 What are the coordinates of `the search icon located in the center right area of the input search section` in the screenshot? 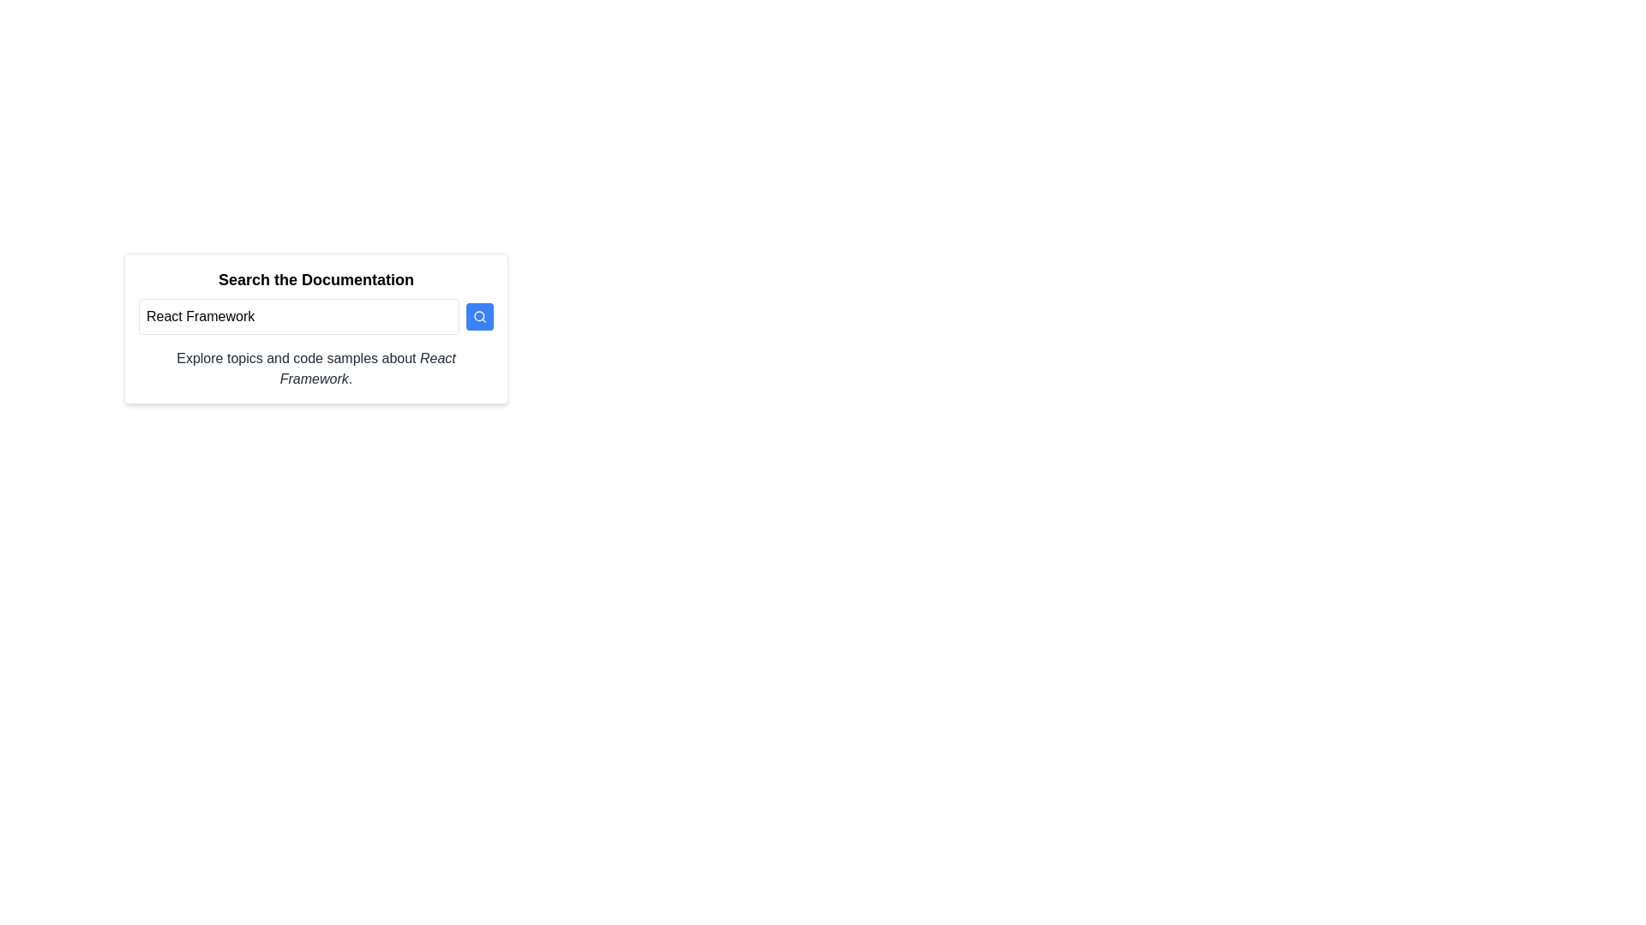 It's located at (480, 317).